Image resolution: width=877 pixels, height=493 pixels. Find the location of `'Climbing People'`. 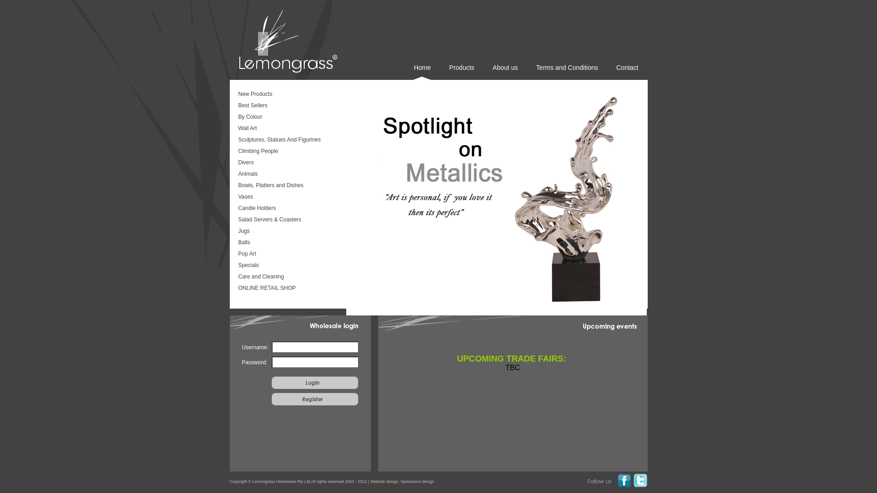

'Climbing People' is located at coordinates (286, 151).